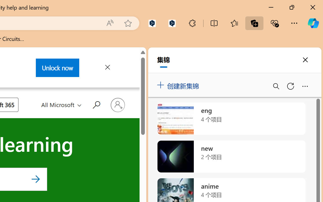 The width and height of the screenshot is (323, 202). I want to click on 'Copilot (Ctrl+Shift+.)', so click(313, 23).